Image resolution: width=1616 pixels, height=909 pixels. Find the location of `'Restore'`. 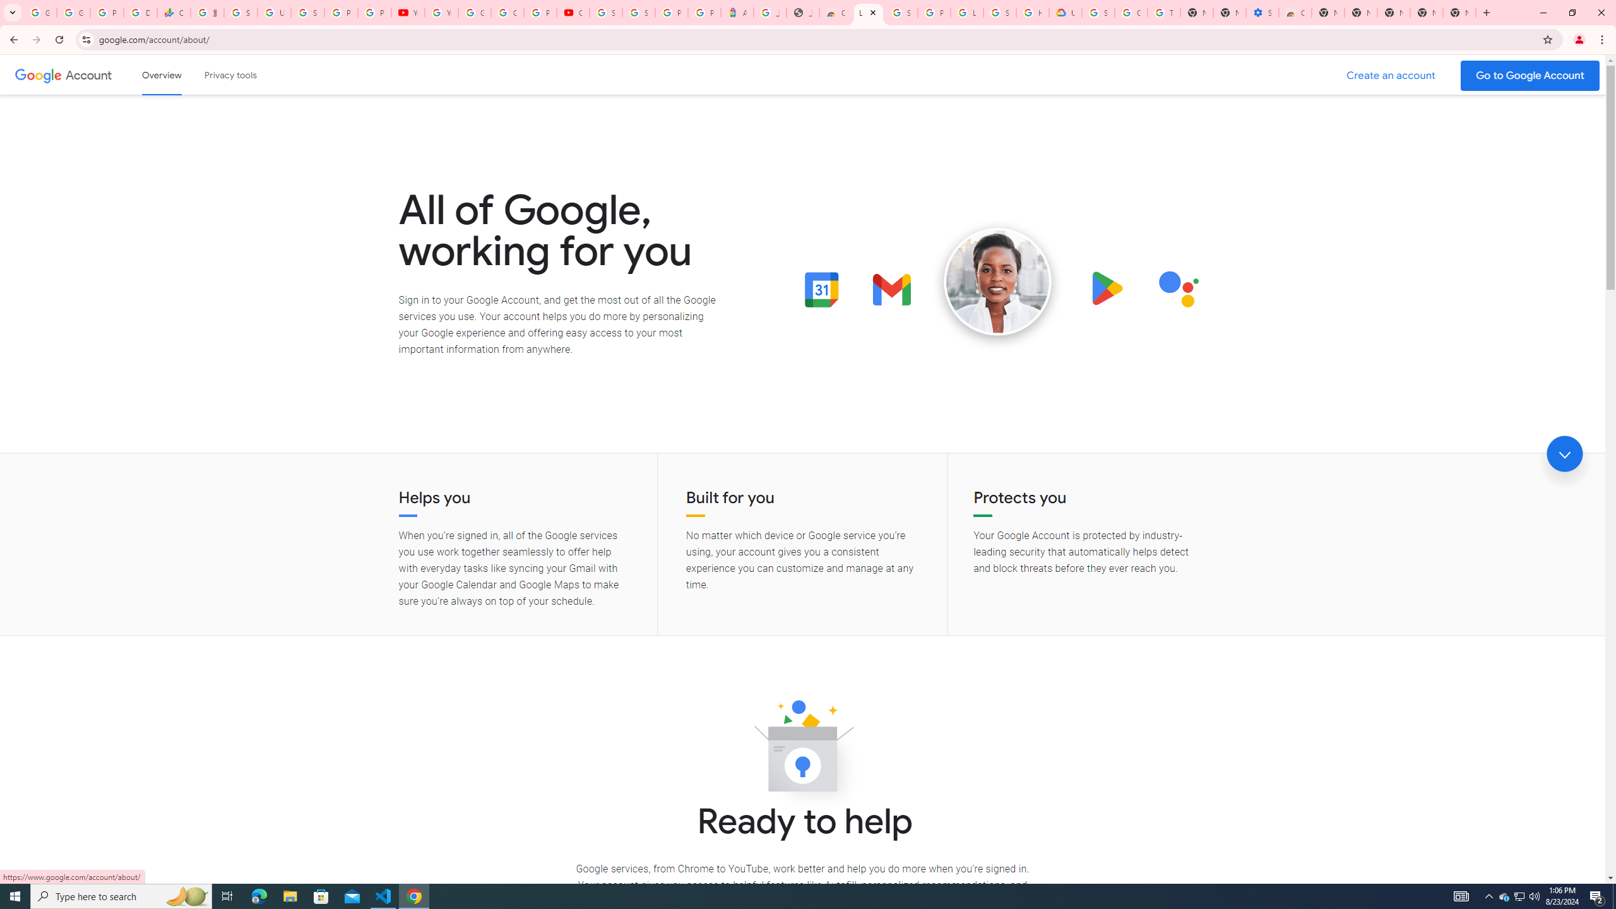

'Restore' is located at coordinates (1572, 12).